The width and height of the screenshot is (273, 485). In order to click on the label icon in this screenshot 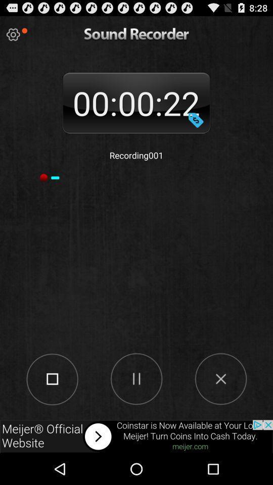, I will do `click(196, 128)`.